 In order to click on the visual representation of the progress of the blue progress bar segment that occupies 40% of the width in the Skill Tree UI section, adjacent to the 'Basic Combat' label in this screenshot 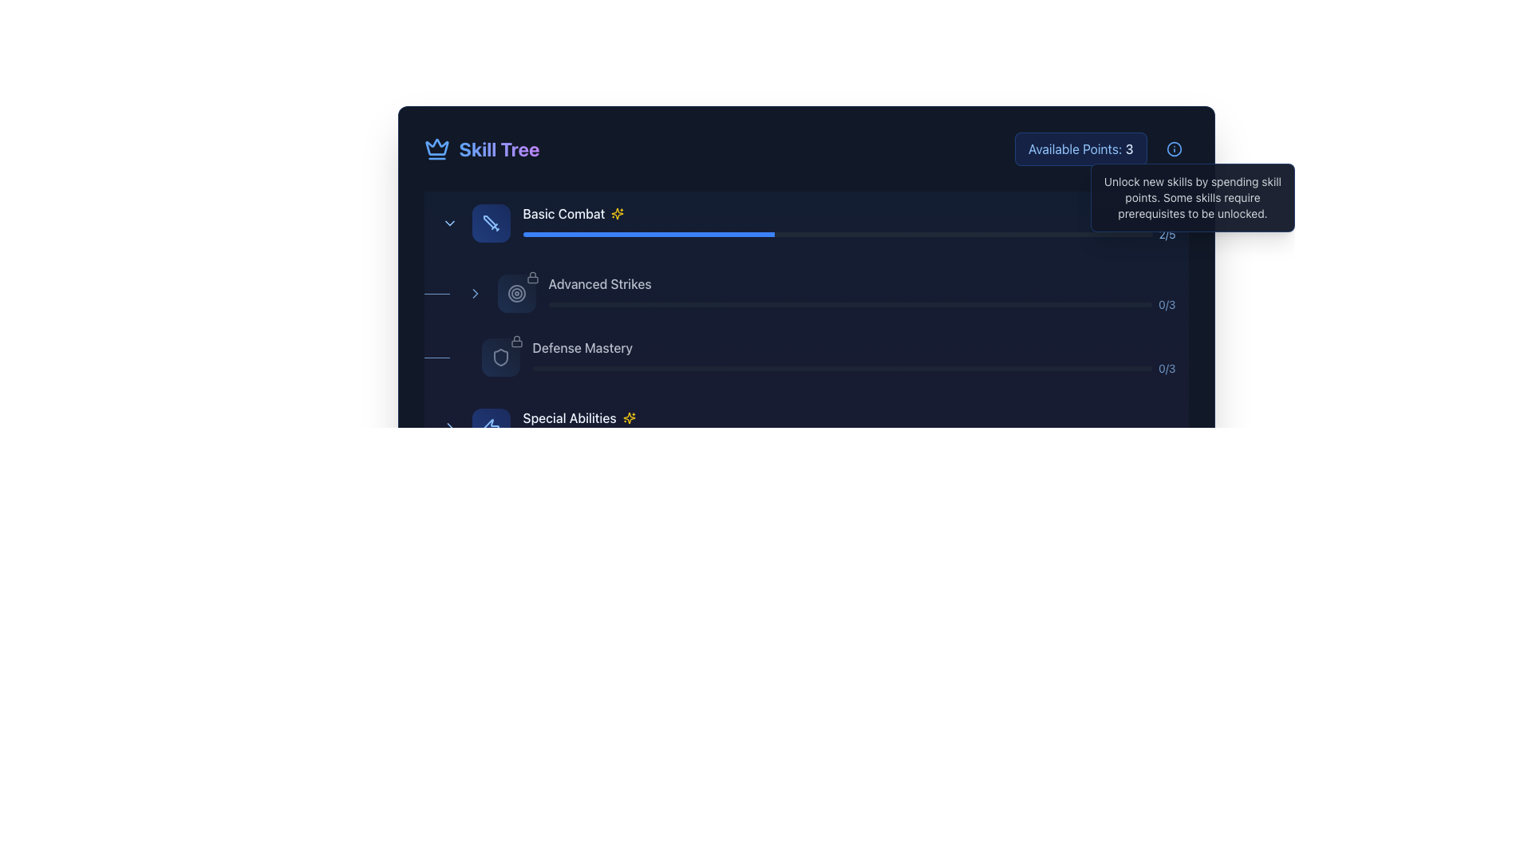, I will do `click(649, 234)`.